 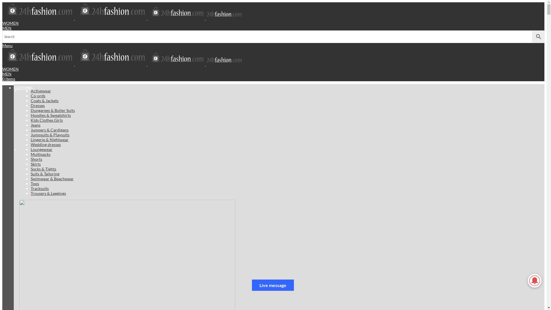 What do you see at coordinates (37, 105) in the screenshot?
I see `'Dresses'` at bounding box center [37, 105].